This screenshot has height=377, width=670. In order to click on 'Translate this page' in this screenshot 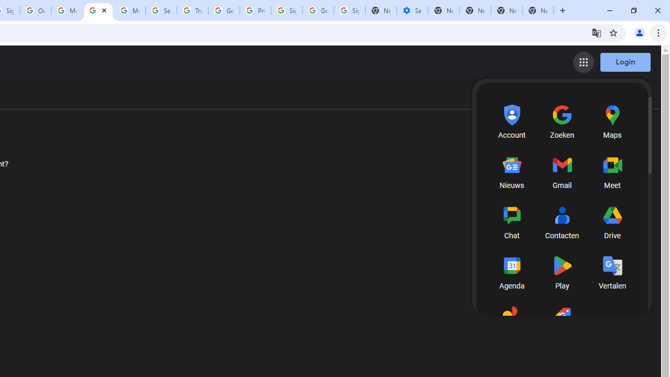, I will do `click(596, 32)`.